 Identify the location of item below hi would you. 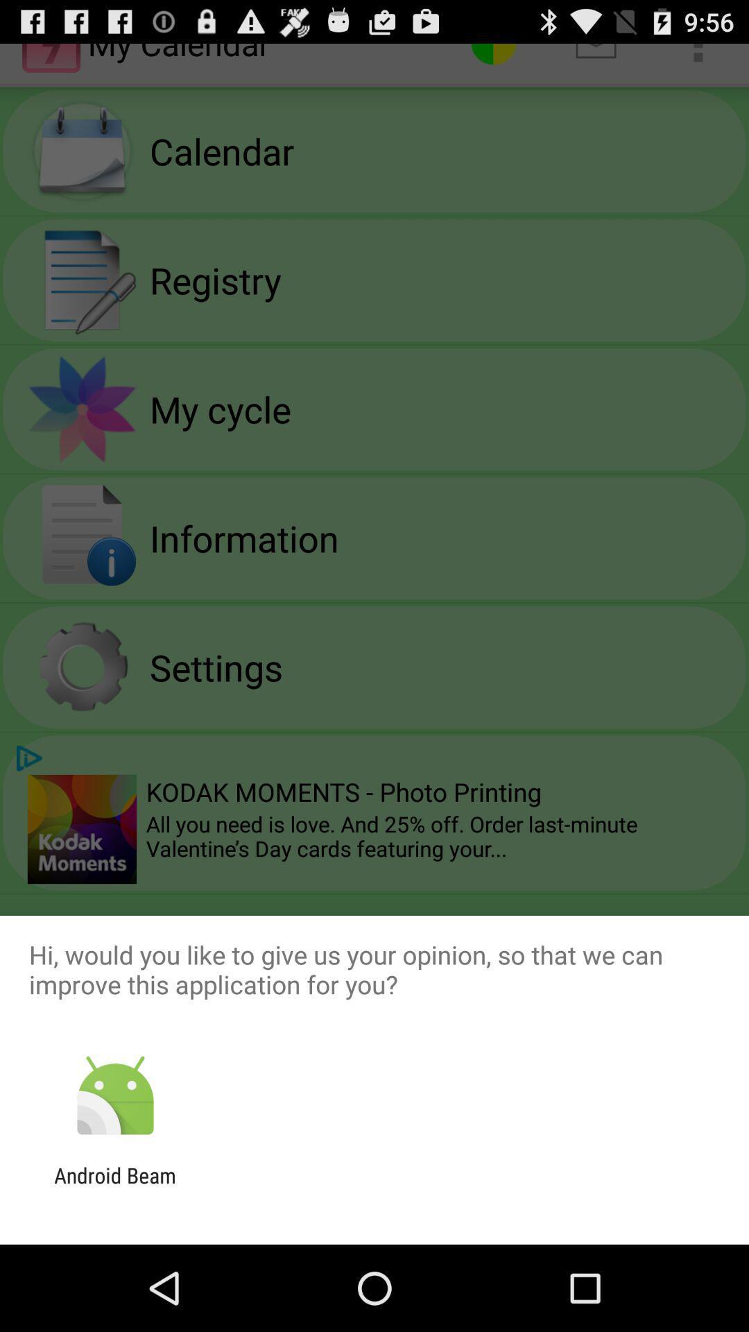
(114, 1095).